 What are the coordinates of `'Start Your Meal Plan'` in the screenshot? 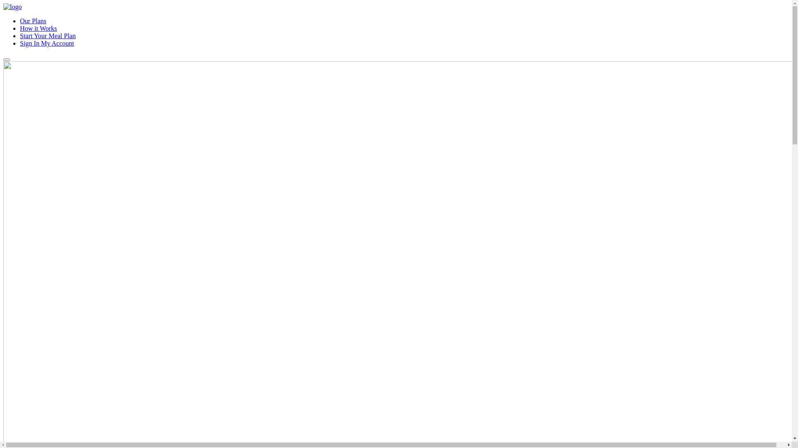 It's located at (47, 35).